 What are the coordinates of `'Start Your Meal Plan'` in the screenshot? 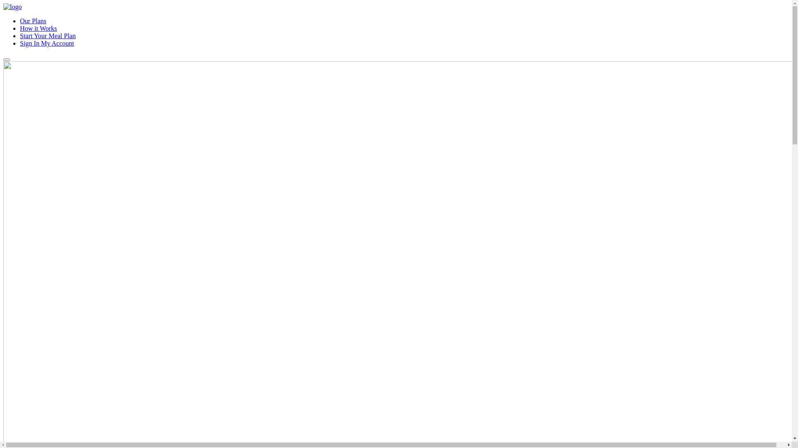 It's located at (47, 35).